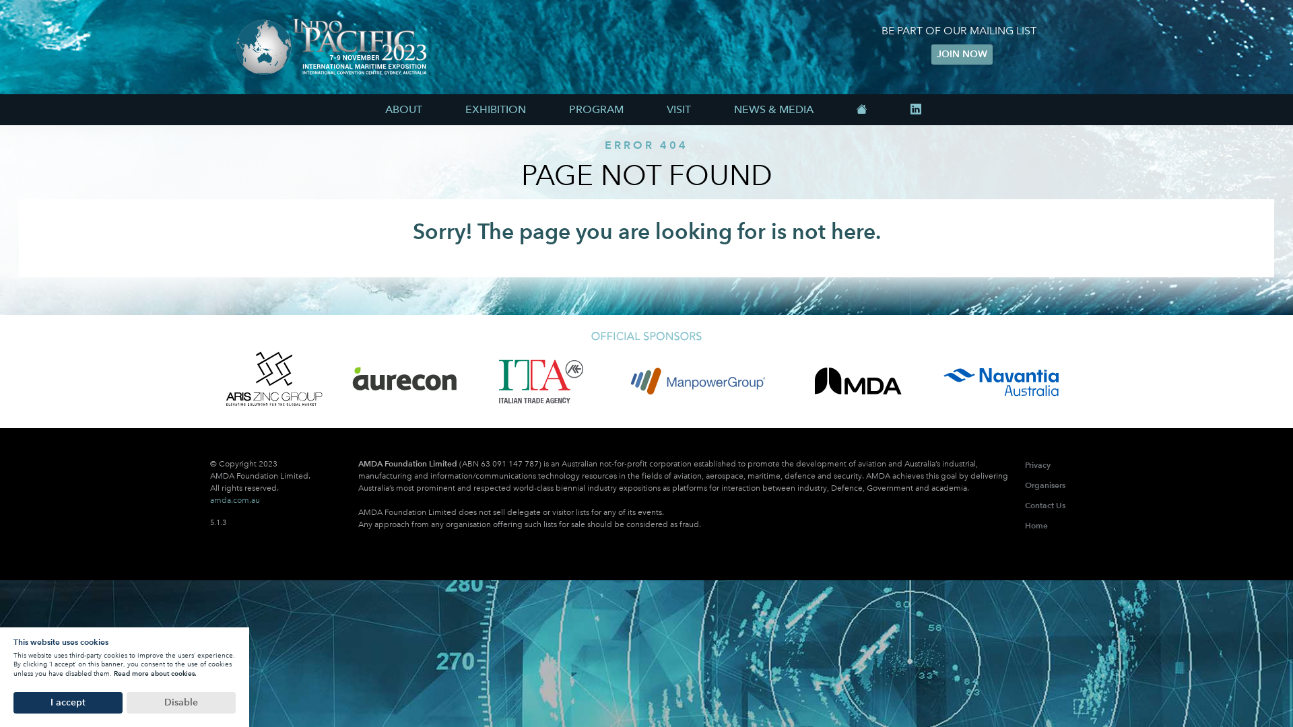 Image resolution: width=1293 pixels, height=727 pixels. What do you see at coordinates (403, 108) in the screenshot?
I see `'ABOUT'` at bounding box center [403, 108].